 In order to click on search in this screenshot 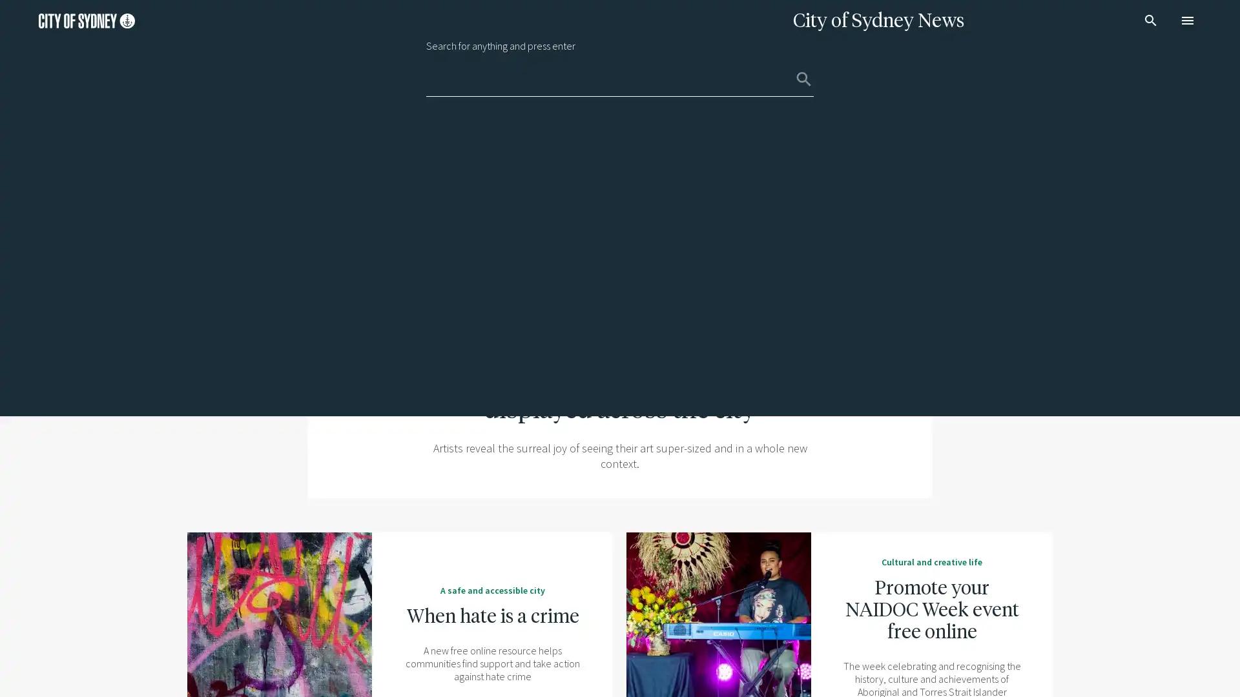, I will do `click(1150, 20)`.